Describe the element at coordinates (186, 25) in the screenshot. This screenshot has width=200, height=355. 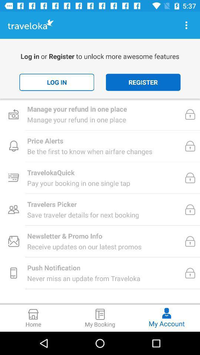
I see `get more information` at that location.